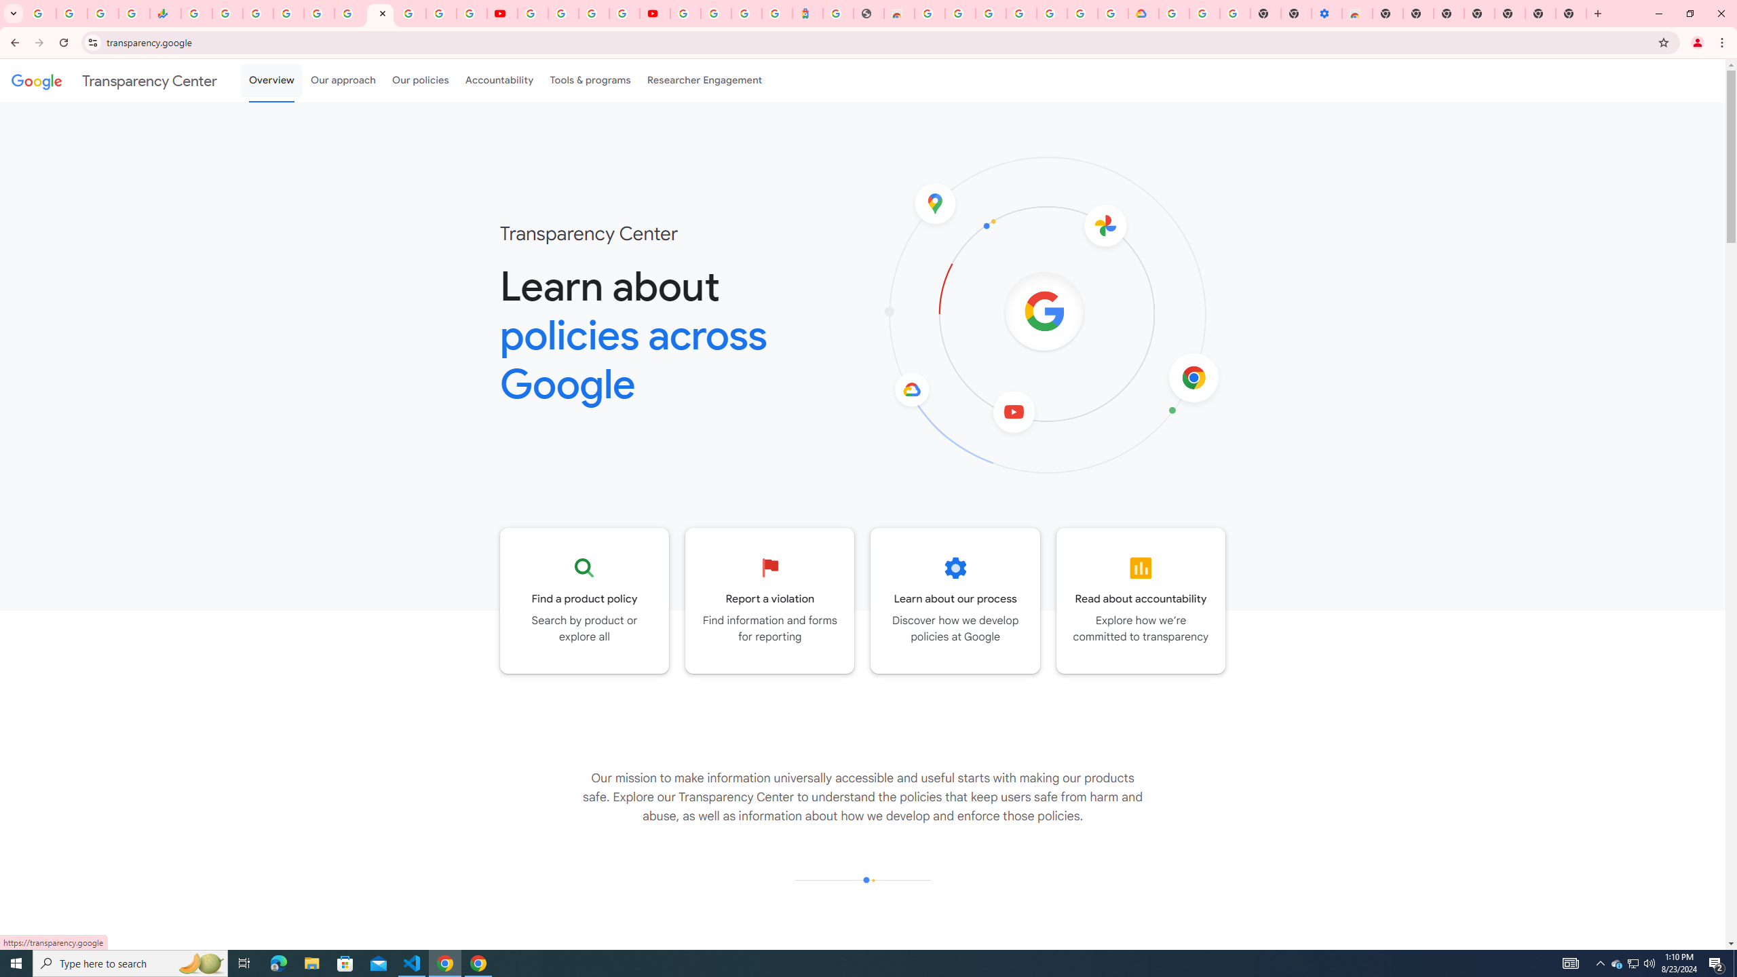 This screenshot has width=1737, height=977. Describe the element at coordinates (499, 80) in the screenshot. I see `'Accountability'` at that location.